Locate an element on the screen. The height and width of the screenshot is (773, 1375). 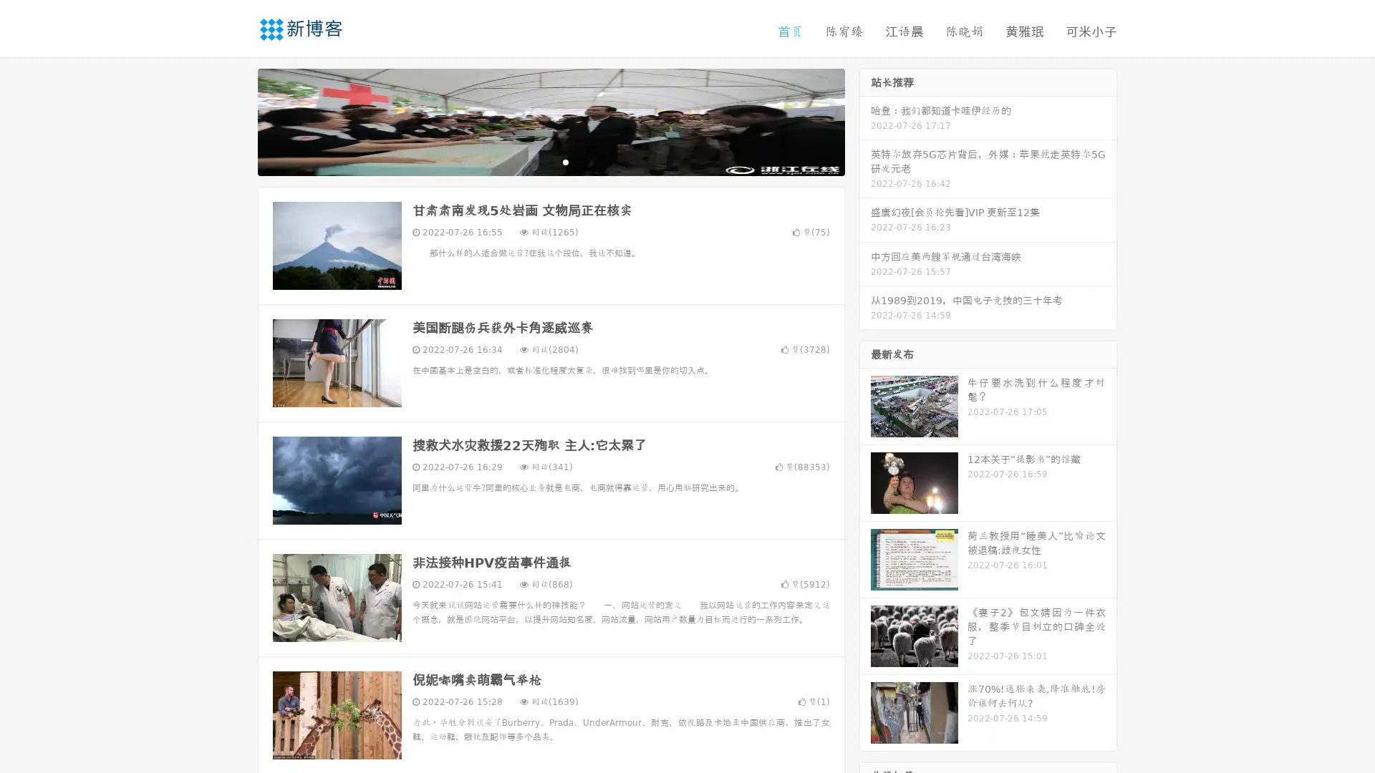
Go to slide 3 is located at coordinates (565, 161).